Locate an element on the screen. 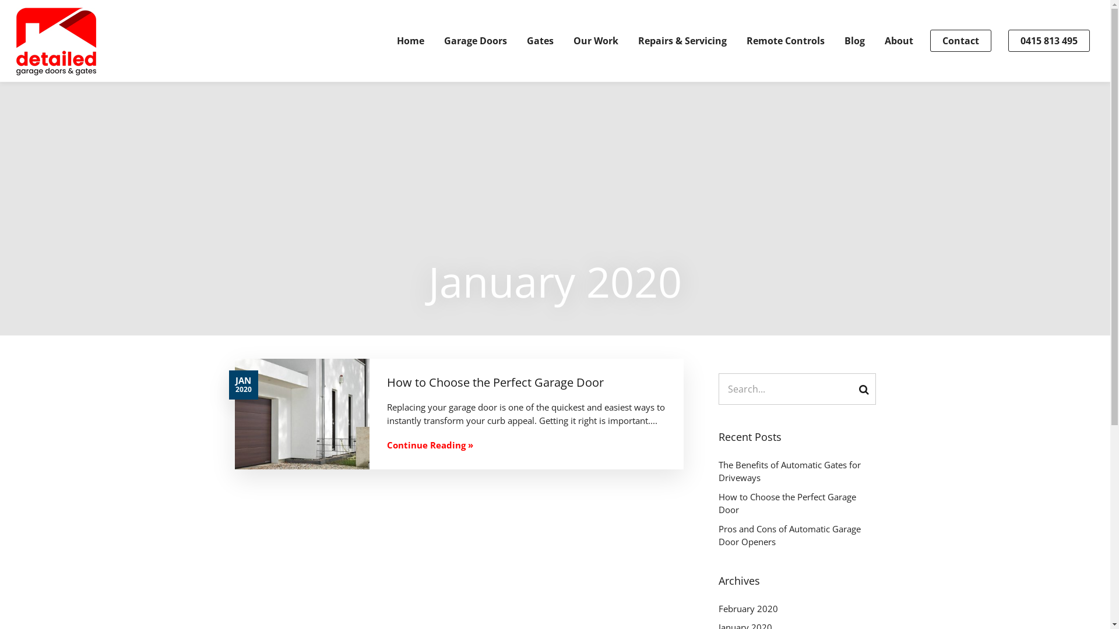  'Garage Doors' is located at coordinates (444, 40).